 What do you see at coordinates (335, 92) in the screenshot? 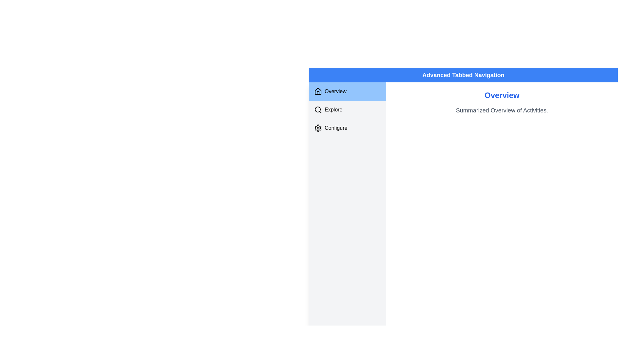
I see `the text label that represents the overview feature` at bounding box center [335, 92].